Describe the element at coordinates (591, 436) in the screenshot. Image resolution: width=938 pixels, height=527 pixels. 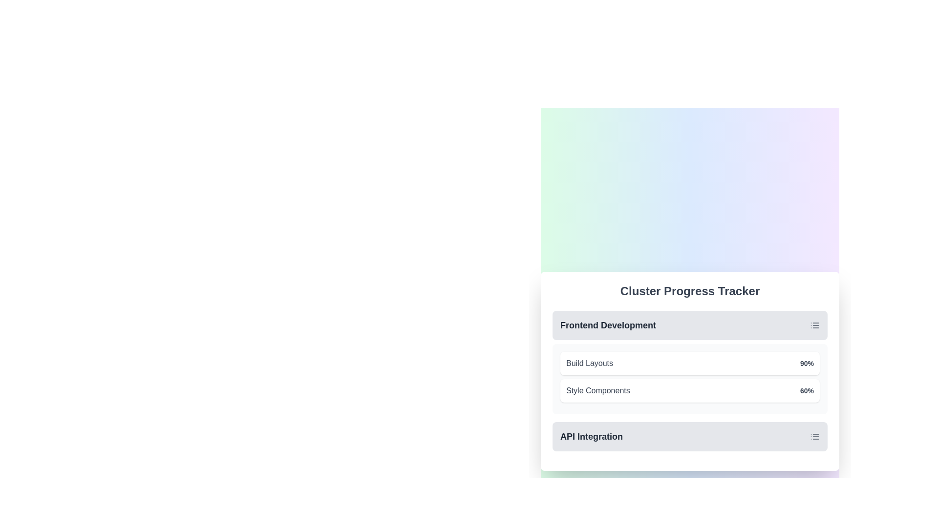
I see `the text label representing 'API Integration' located at the bottom of the Cluster Progress Tracker component` at that location.